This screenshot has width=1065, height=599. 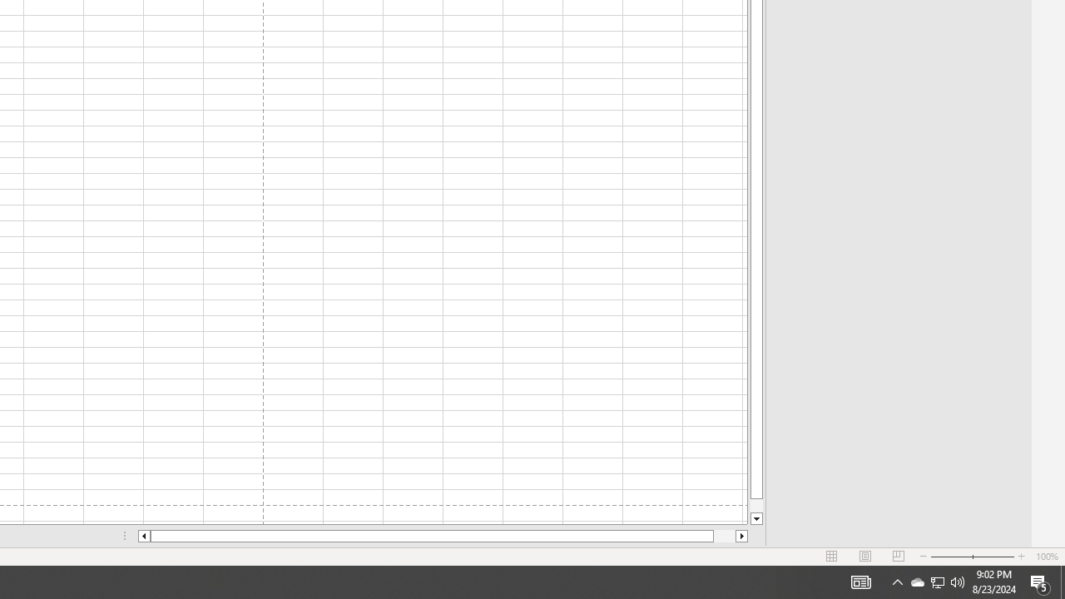 What do you see at coordinates (951, 557) in the screenshot?
I see `'Zoom Out'` at bounding box center [951, 557].